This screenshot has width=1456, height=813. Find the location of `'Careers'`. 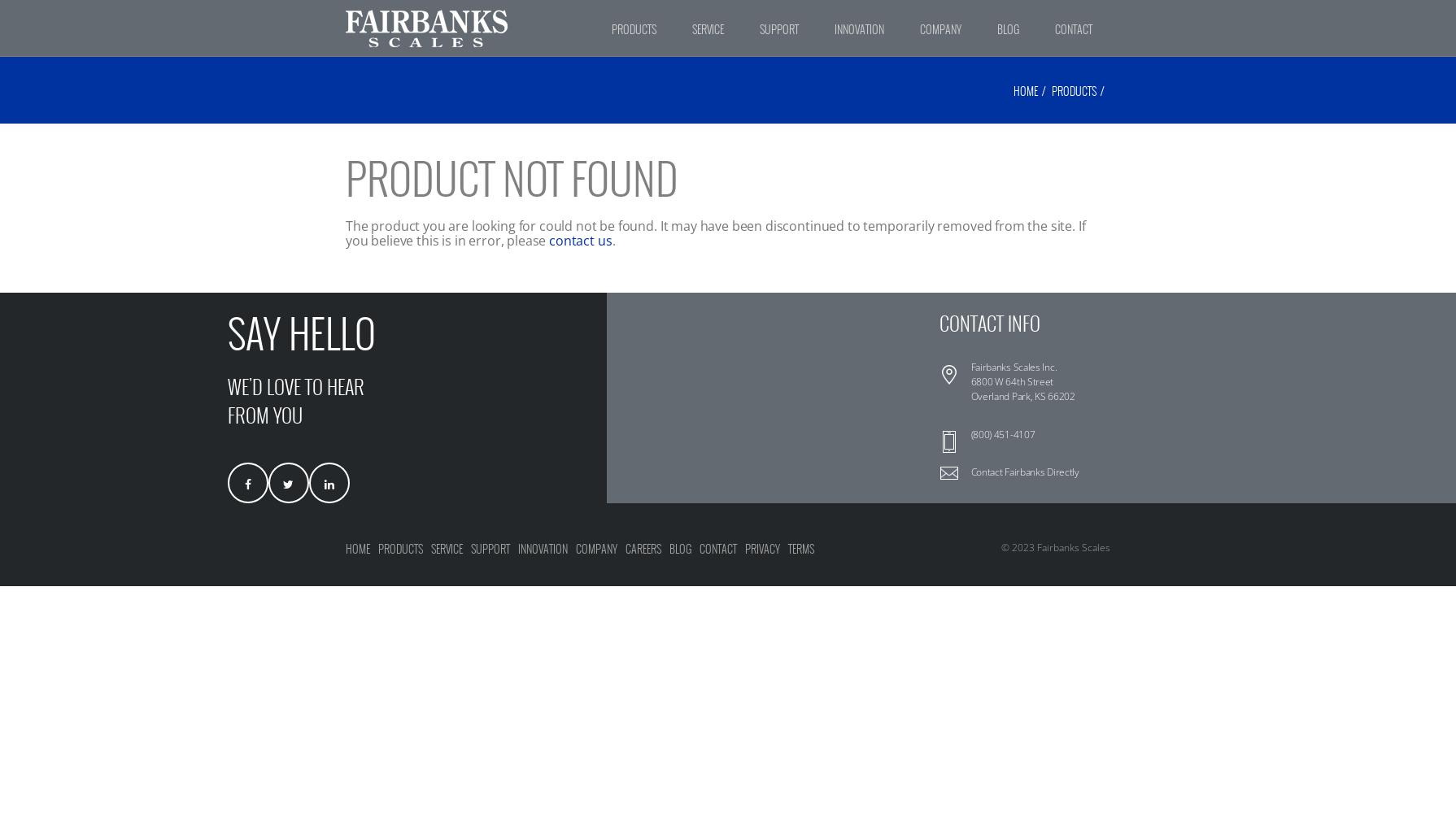

'Careers' is located at coordinates (624, 549).